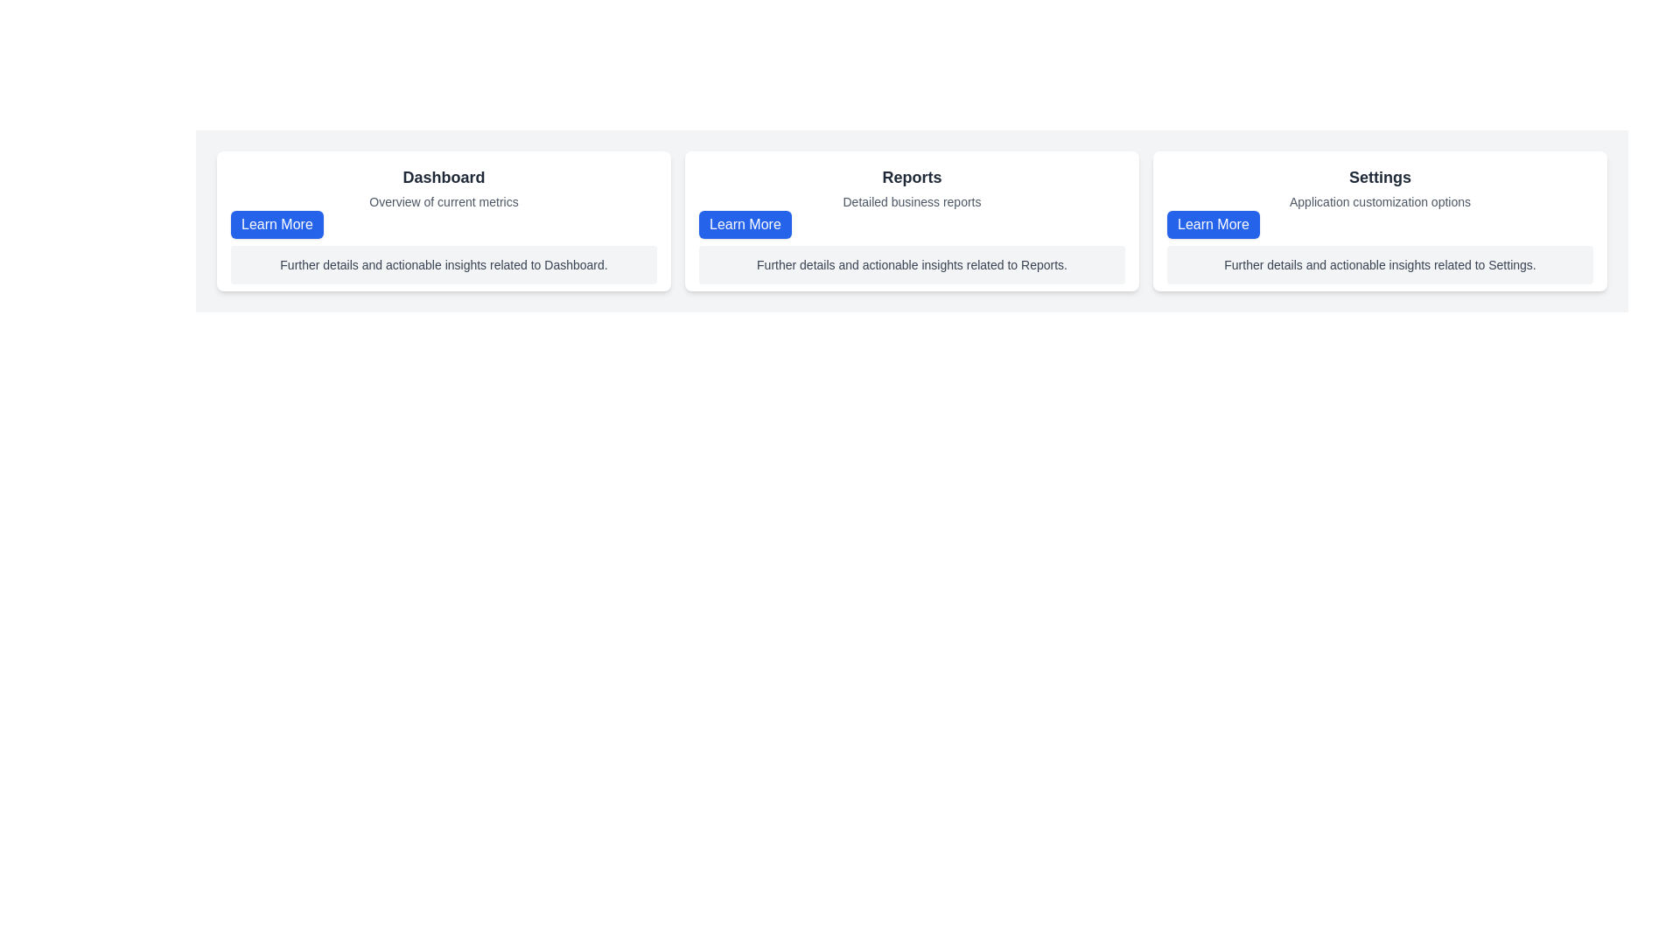 This screenshot has height=945, width=1680. What do you see at coordinates (1379, 188) in the screenshot?
I see `the 'Settings' text block which contains a bold title and a subtitle, located at the top of the 'Settings' card` at bounding box center [1379, 188].